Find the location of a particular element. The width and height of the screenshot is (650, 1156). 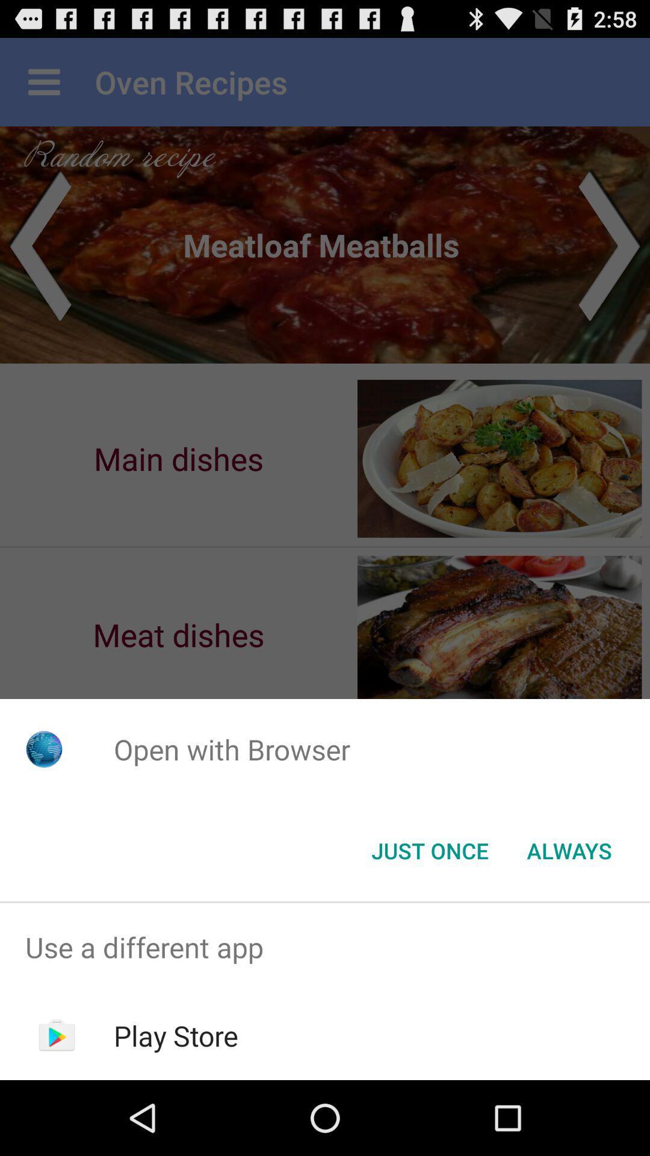

icon below the open with browser app is located at coordinates (429, 850).